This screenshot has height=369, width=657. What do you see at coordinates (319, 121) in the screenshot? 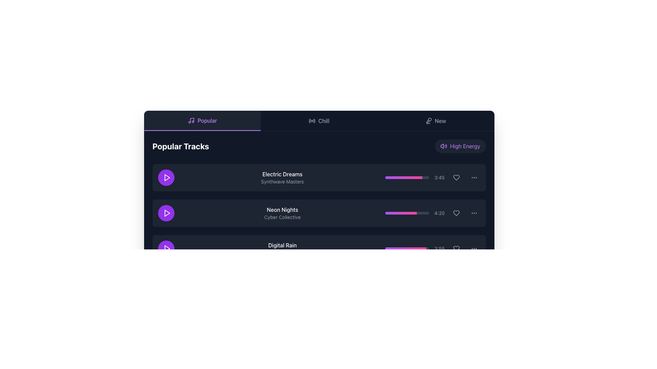
I see `the 'Chill' button, which features the word 'Chill' and a radio wave icon on its left` at bounding box center [319, 121].